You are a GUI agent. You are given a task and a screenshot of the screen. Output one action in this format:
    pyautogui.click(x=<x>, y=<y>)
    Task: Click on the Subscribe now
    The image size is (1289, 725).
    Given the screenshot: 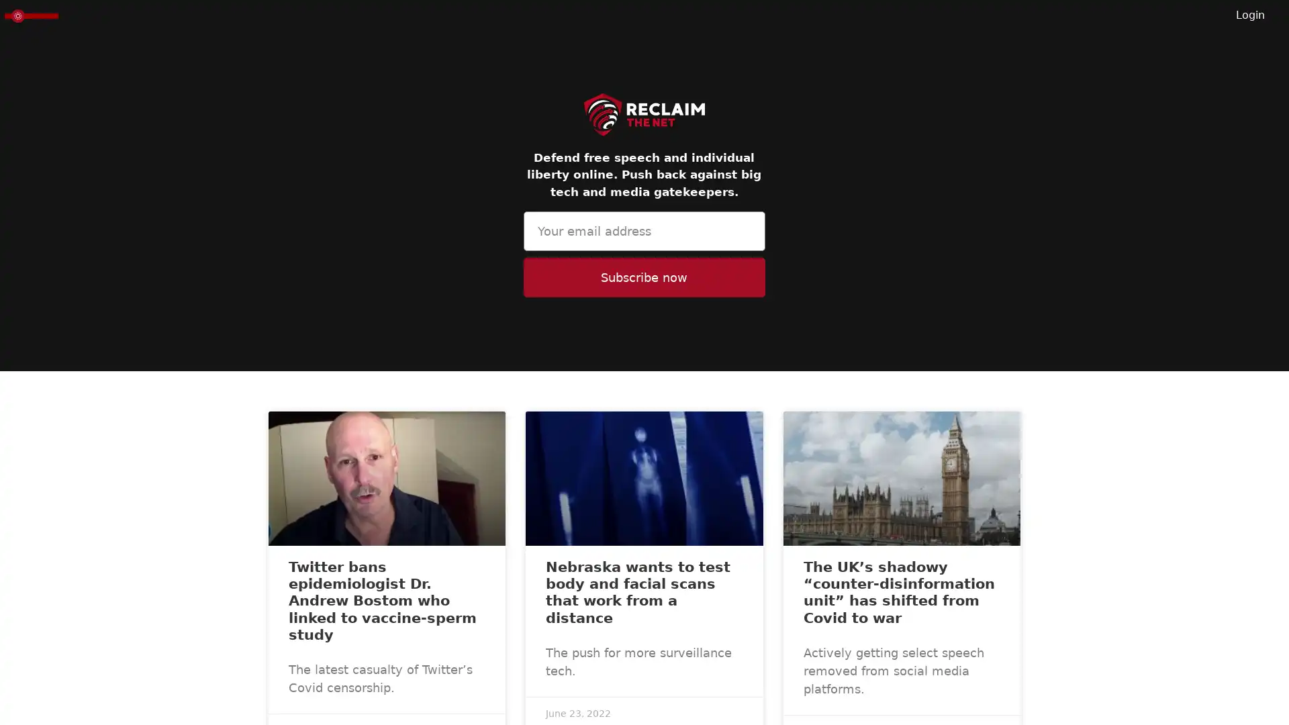 What is the action you would take?
    pyautogui.click(x=643, y=277)
    